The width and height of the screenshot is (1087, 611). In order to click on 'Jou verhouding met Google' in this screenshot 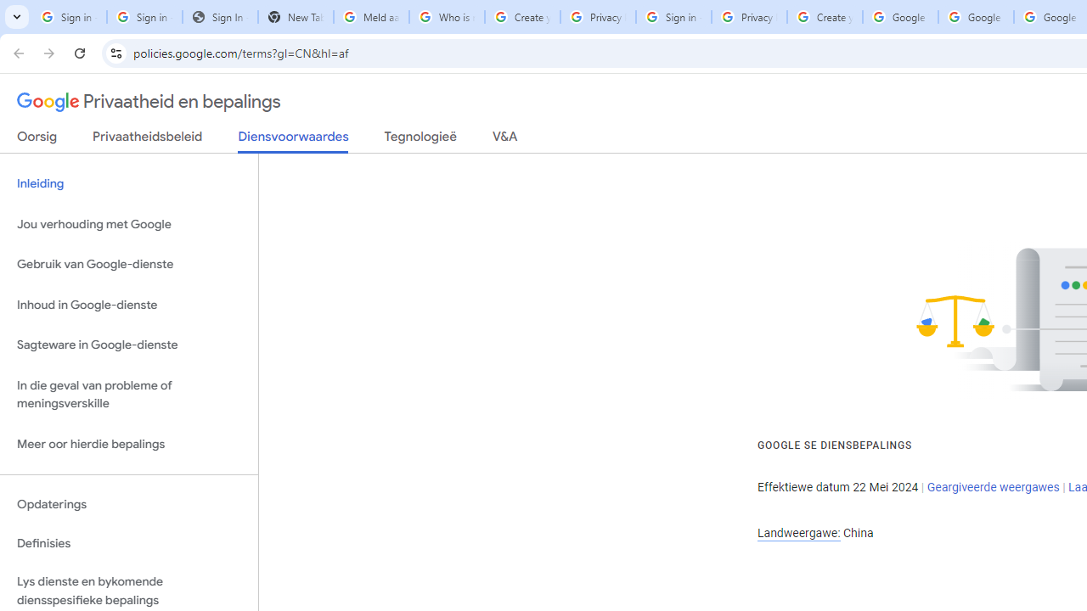, I will do `click(128, 223)`.